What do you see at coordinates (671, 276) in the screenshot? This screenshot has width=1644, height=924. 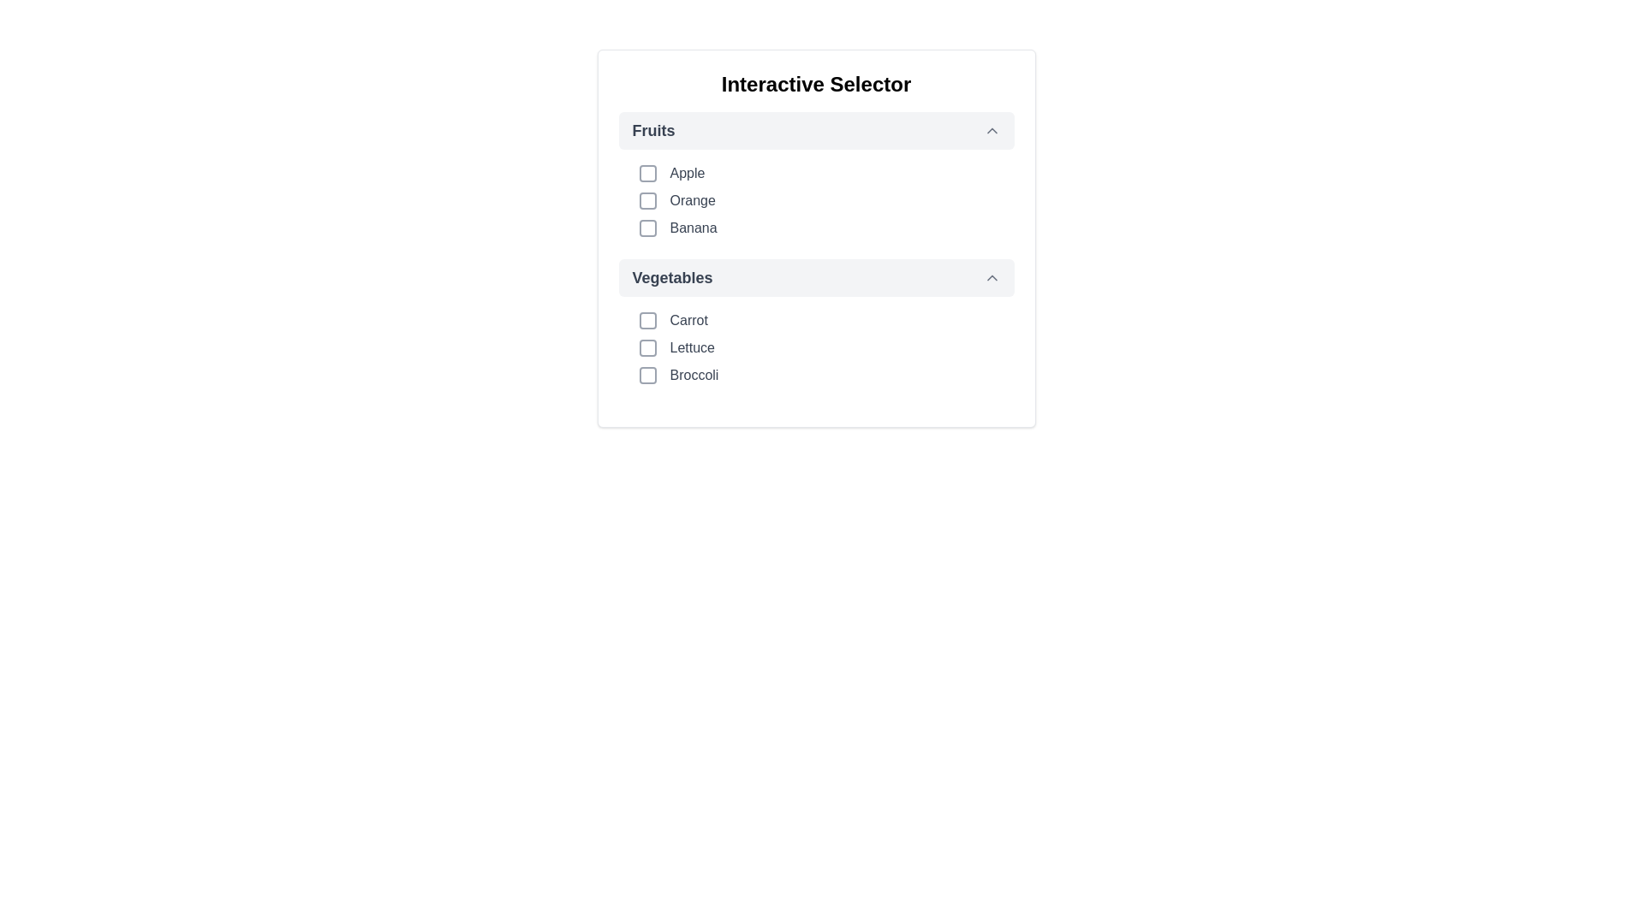 I see `the Text Label that serves as the title for the section related to vegetables, located at the top-center of the interface` at bounding box center [671, 276].